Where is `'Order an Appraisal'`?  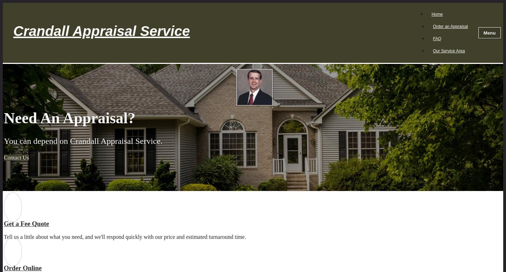 'Order an Appraisal' is located at coordinates (450, 27).